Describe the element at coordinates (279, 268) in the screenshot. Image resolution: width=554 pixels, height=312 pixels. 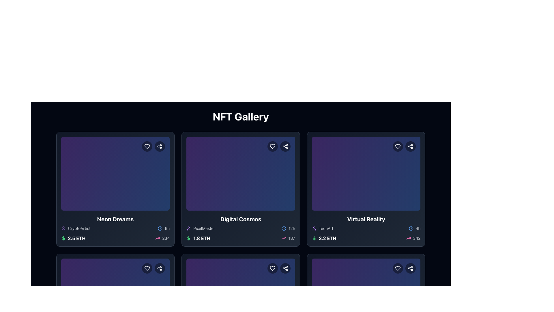
I see `the left 'like' button in the interactive button group located at the top-right corner of the card section to favorite the content` at that location.